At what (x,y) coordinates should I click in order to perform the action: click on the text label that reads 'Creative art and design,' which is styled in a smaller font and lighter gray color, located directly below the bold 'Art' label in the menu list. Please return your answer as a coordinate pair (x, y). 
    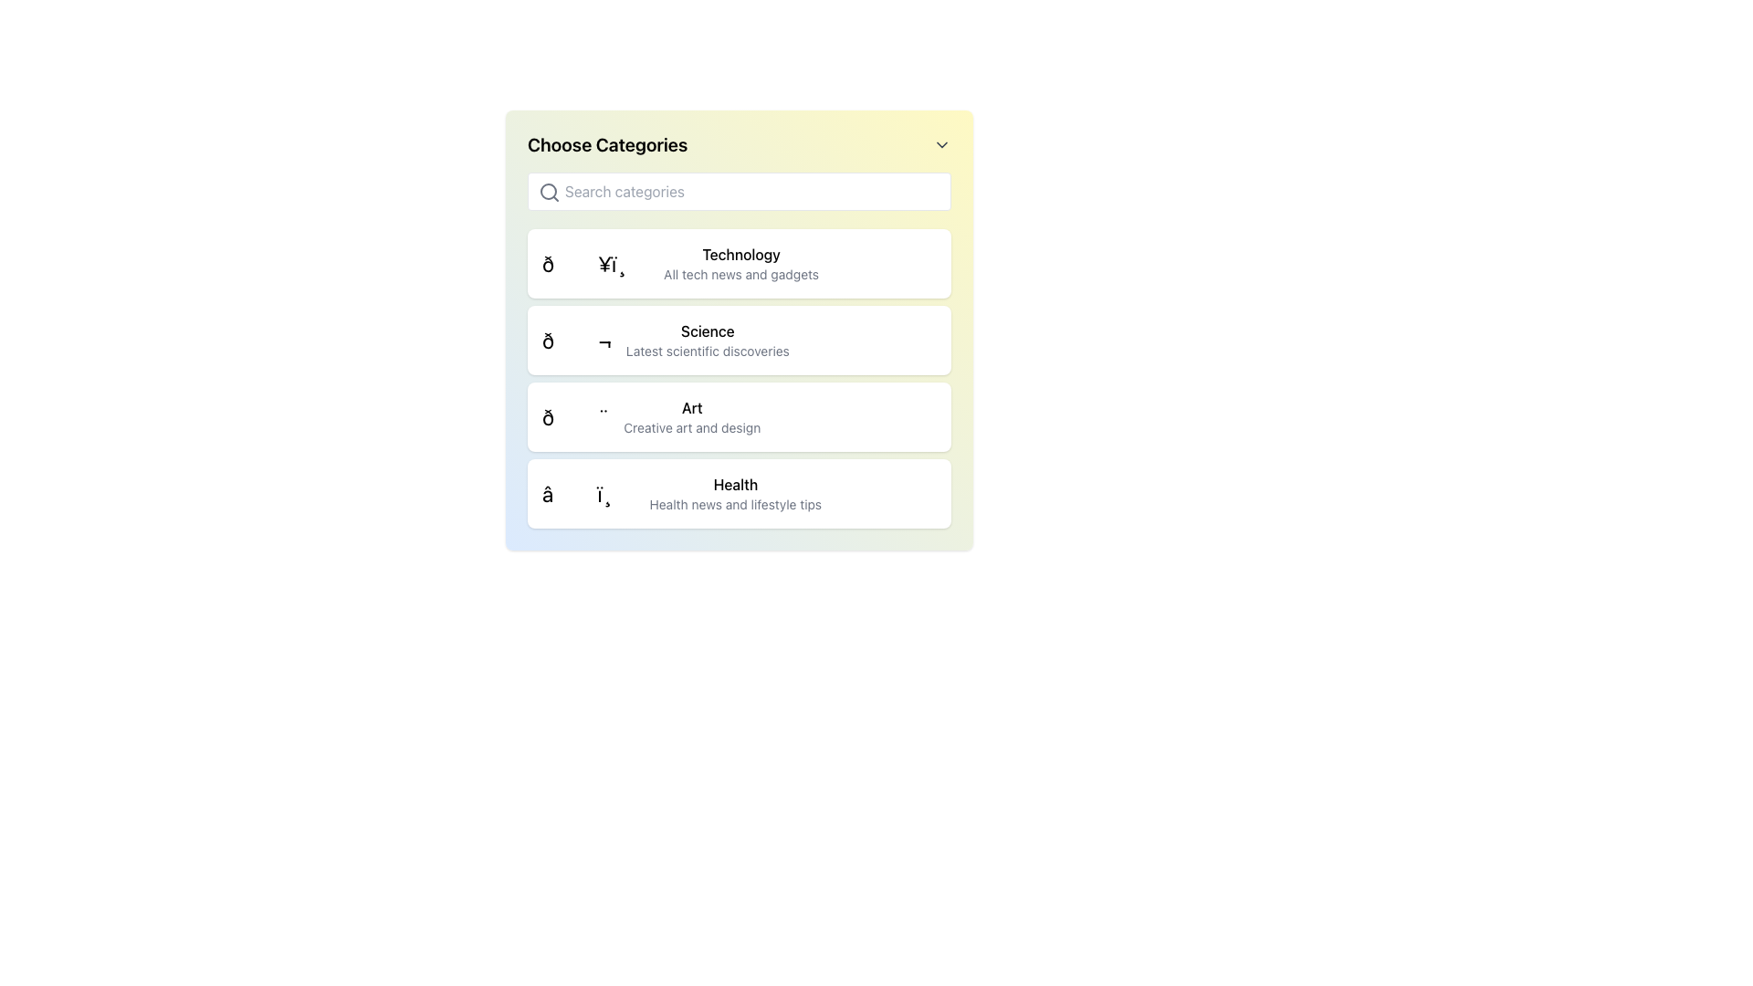
    Looking at the image, I should click on (691, 428).